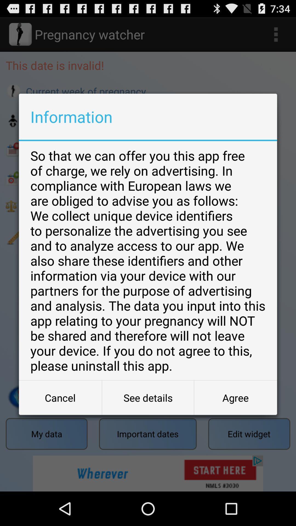  What do you see at coordinates (148, 398) in the screenshot?
I see `the item to the right of the cancel item` at bounding box center [148, 398].